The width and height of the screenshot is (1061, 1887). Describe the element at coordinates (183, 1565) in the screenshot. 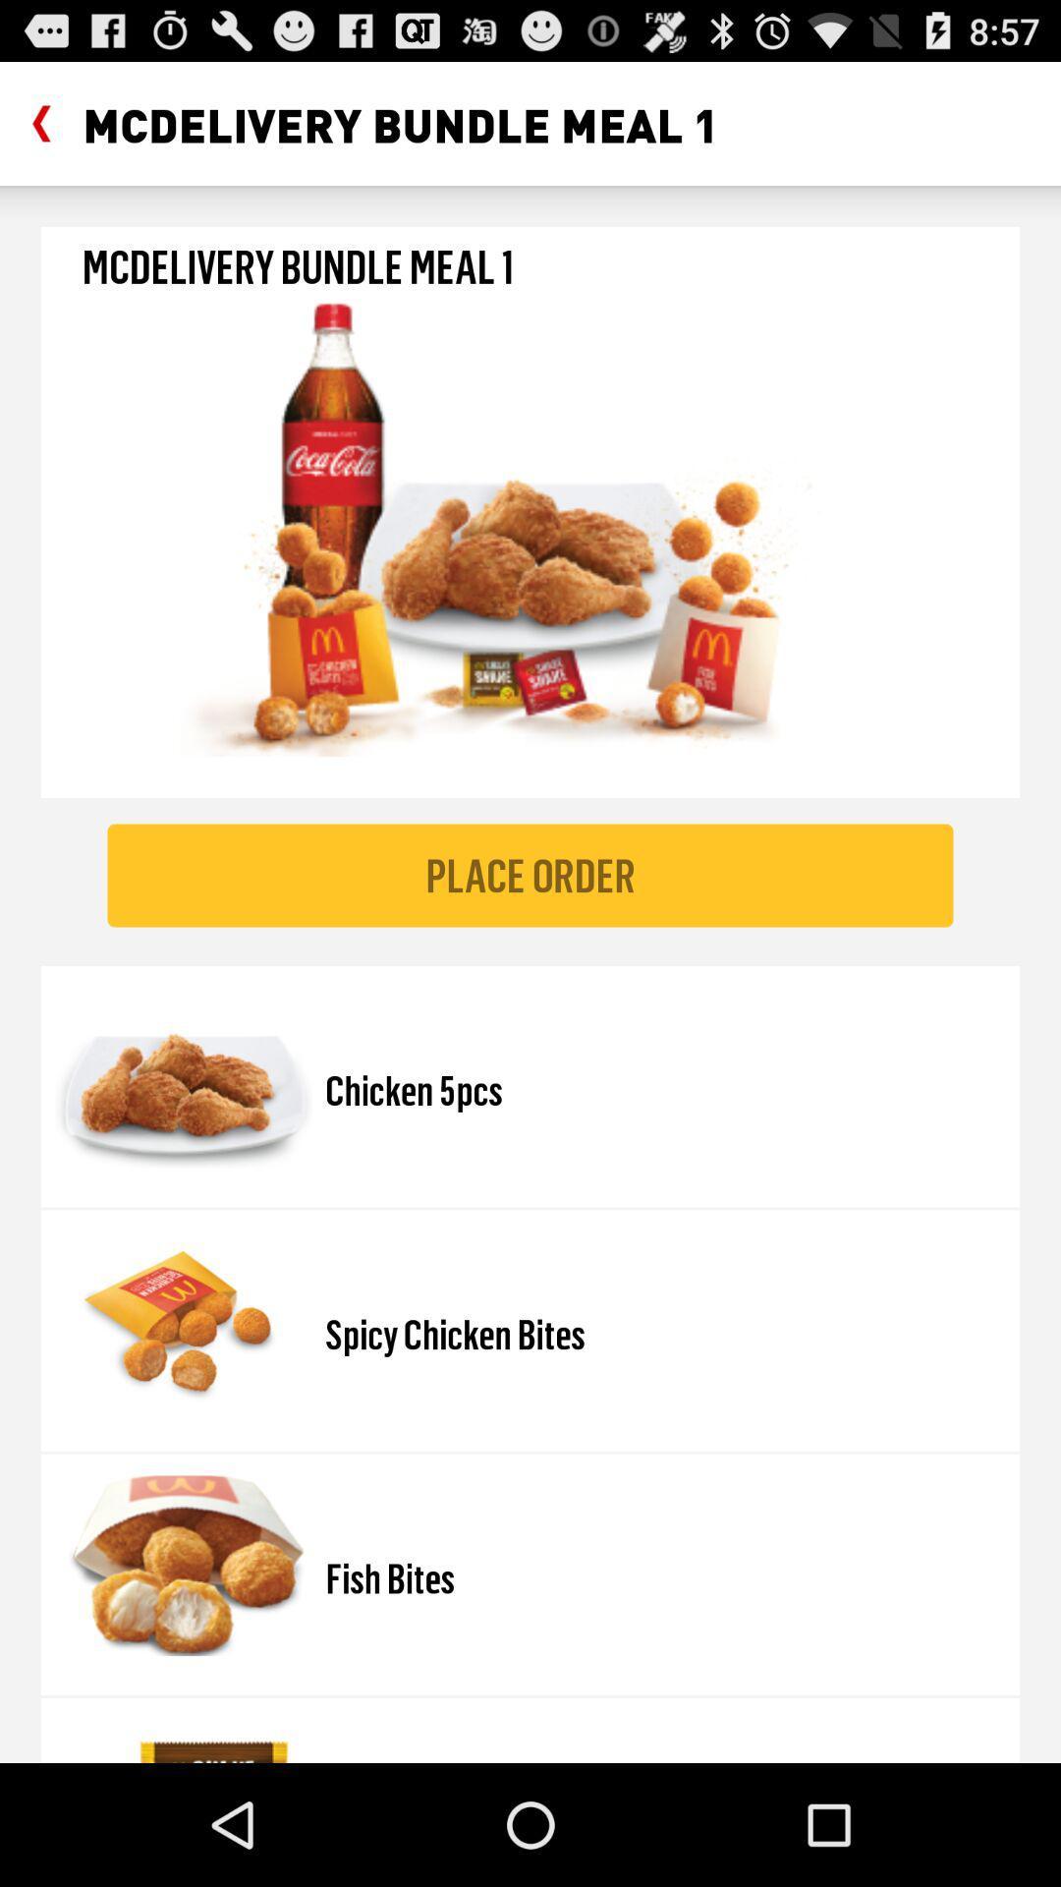

I see `the third image in place order from the top` at that location.